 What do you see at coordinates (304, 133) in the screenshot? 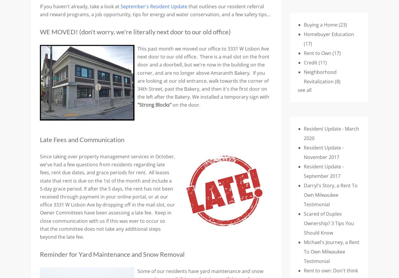
I see `'Resident Update - March 2020'` at bounding box center [304, 133].